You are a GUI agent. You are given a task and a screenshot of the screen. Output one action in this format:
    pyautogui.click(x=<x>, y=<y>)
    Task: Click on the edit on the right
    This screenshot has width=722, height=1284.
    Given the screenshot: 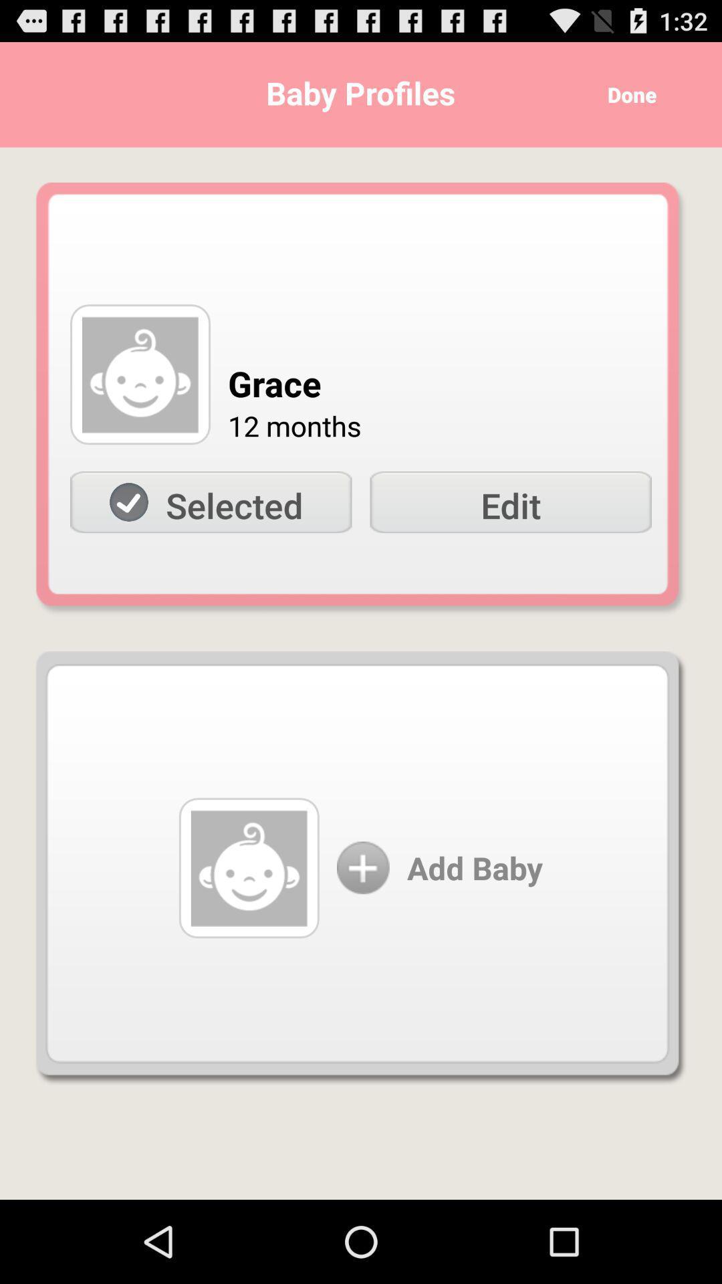 What is the action you would take?
    pyautogui.click(x=511, y=502)
    